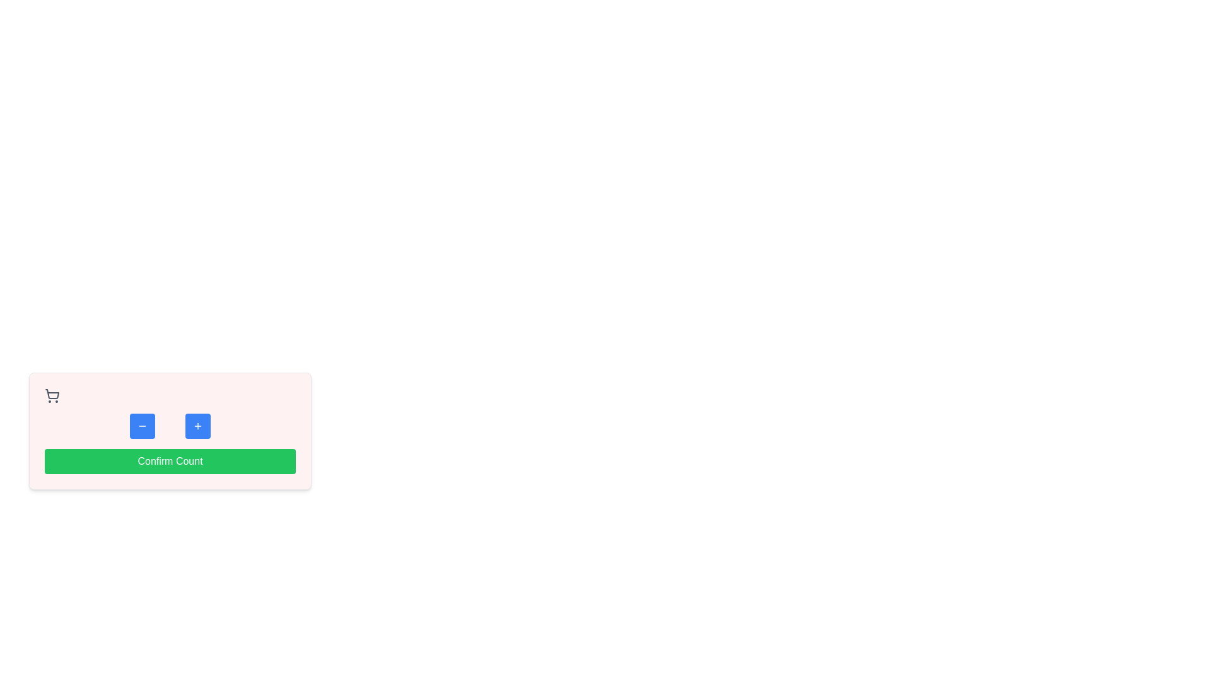  I want to click on the '+' button with a blue background and rounded corners to increment or add, so click(197, 426).